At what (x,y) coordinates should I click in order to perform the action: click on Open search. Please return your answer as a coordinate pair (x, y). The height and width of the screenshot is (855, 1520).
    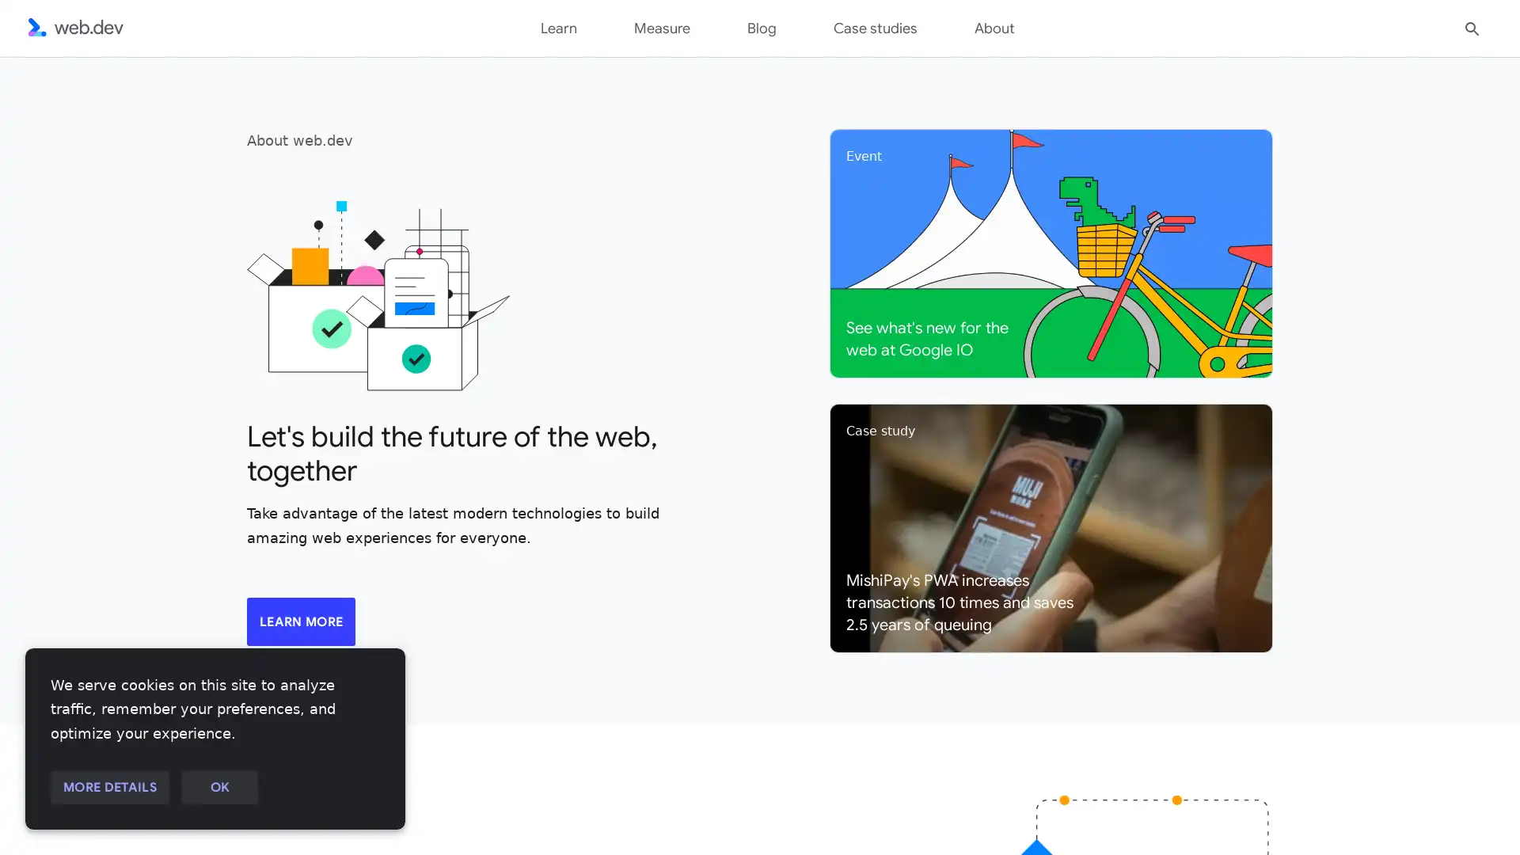
    Looking at the image, I should click on (1472, 27).